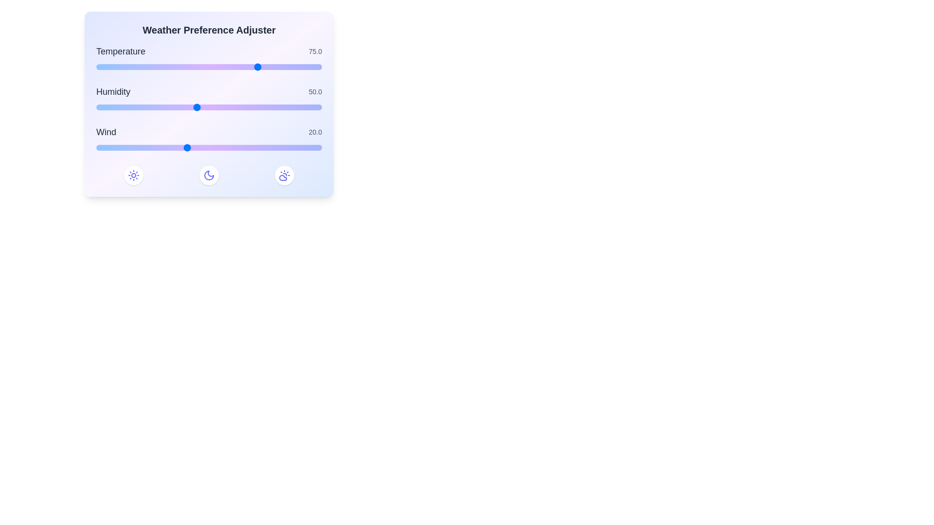 The width and height of the screenshot is (934, 525). What do you see at coordinates (201, 67) in the screenshot?
I see `the temperature` at bounding box center [201, 67].